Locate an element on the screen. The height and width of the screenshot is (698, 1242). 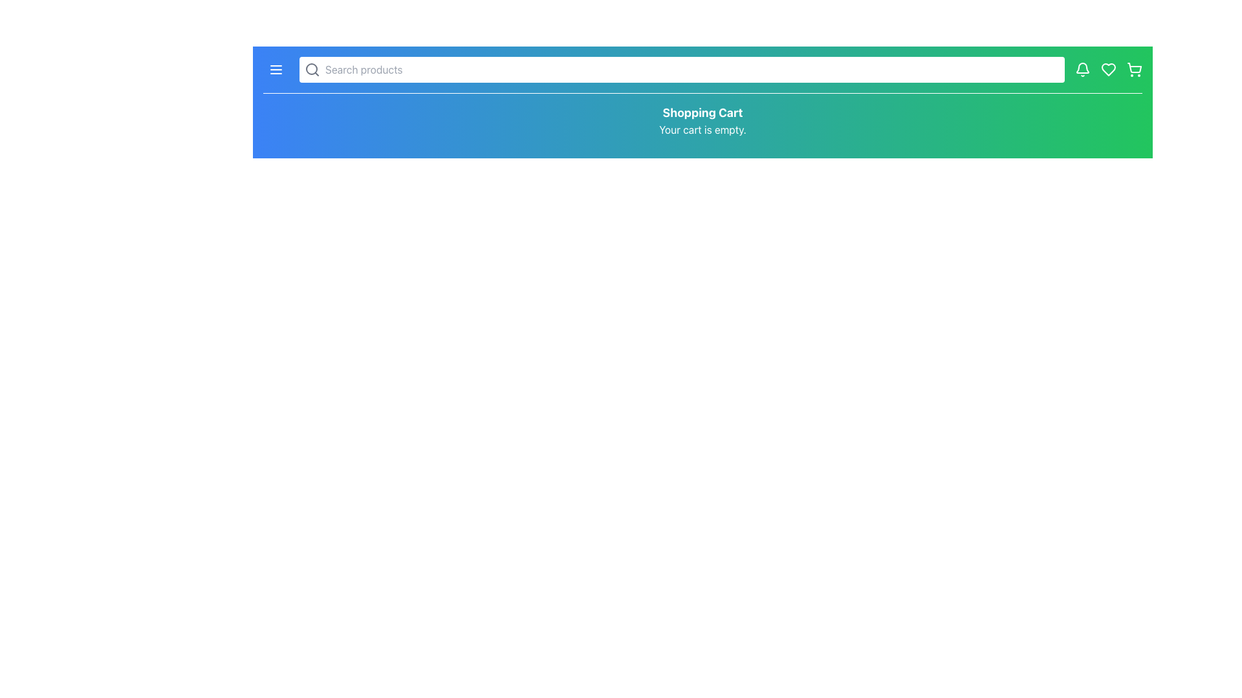
the heart-shaped icon with a hollow outline and filled green color located at the top-right corner of the interface to like or favorite is located at coordinates (1107, 70).